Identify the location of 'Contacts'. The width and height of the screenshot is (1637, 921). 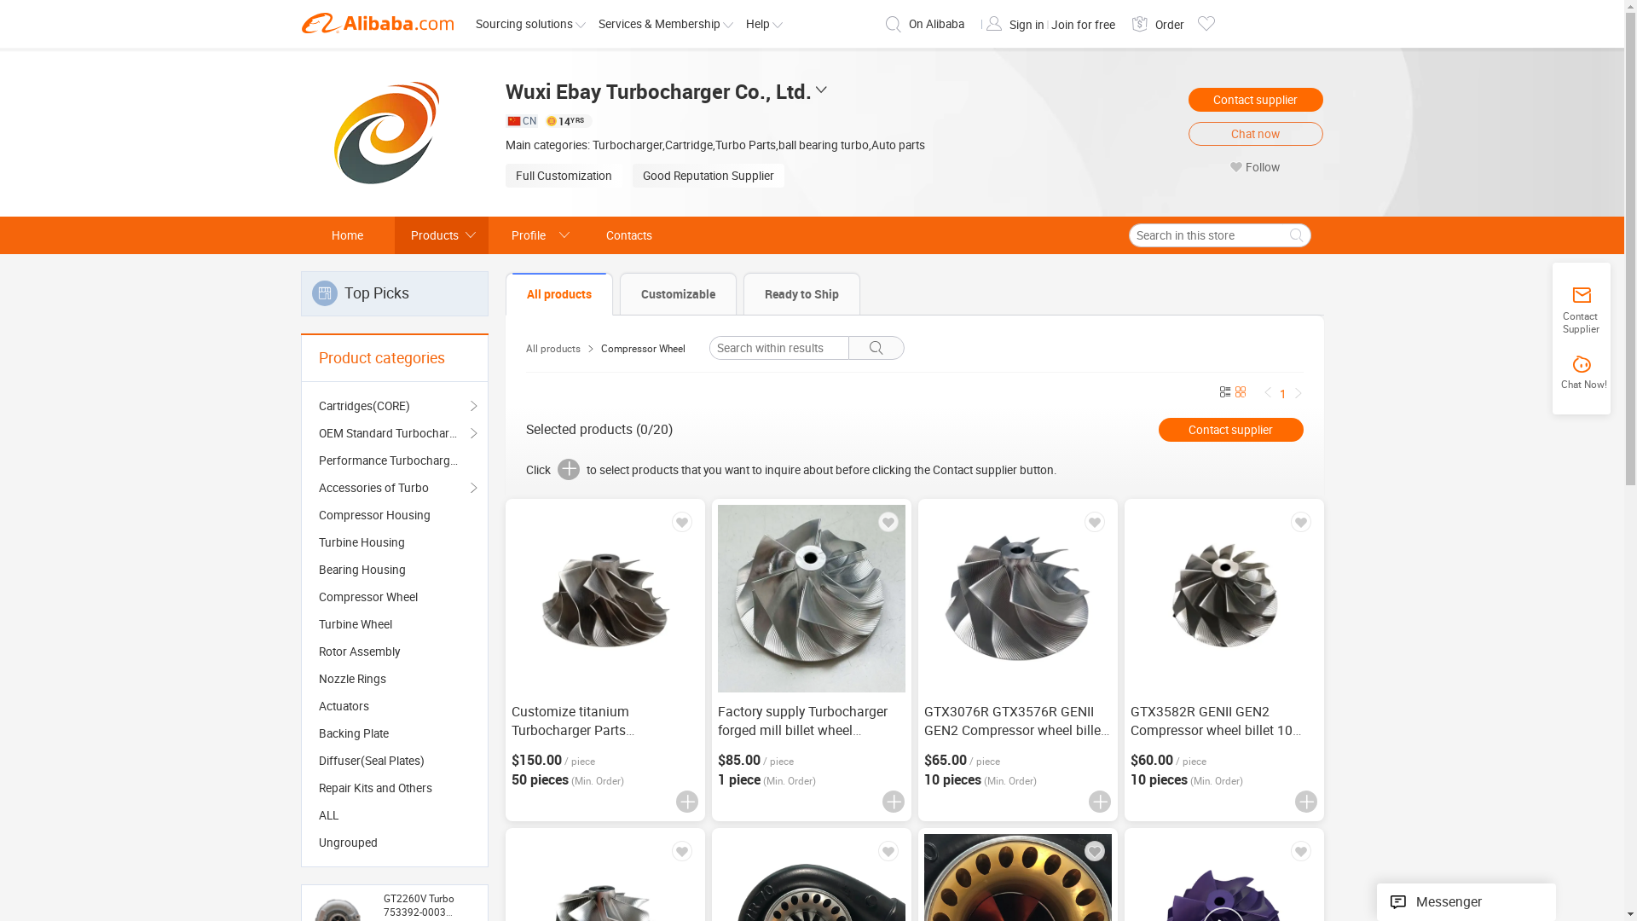
(628, 235).